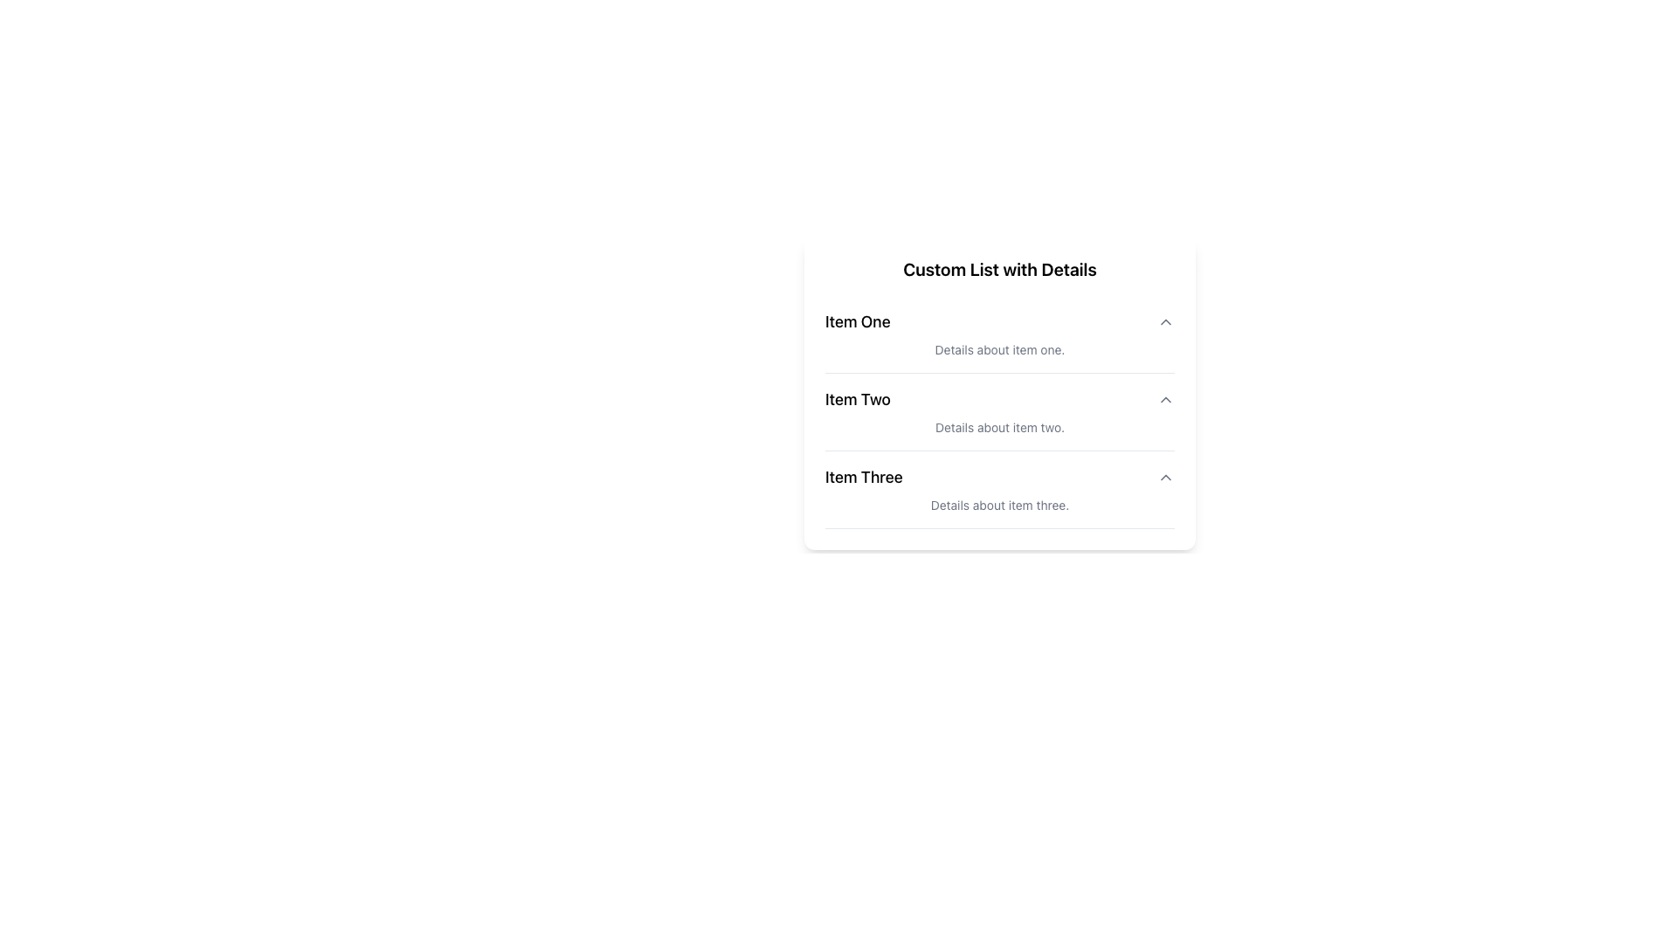 This screenshot has width=1677, height=943. I want to click on the main title or header text label for the first item, so click(858, 322).